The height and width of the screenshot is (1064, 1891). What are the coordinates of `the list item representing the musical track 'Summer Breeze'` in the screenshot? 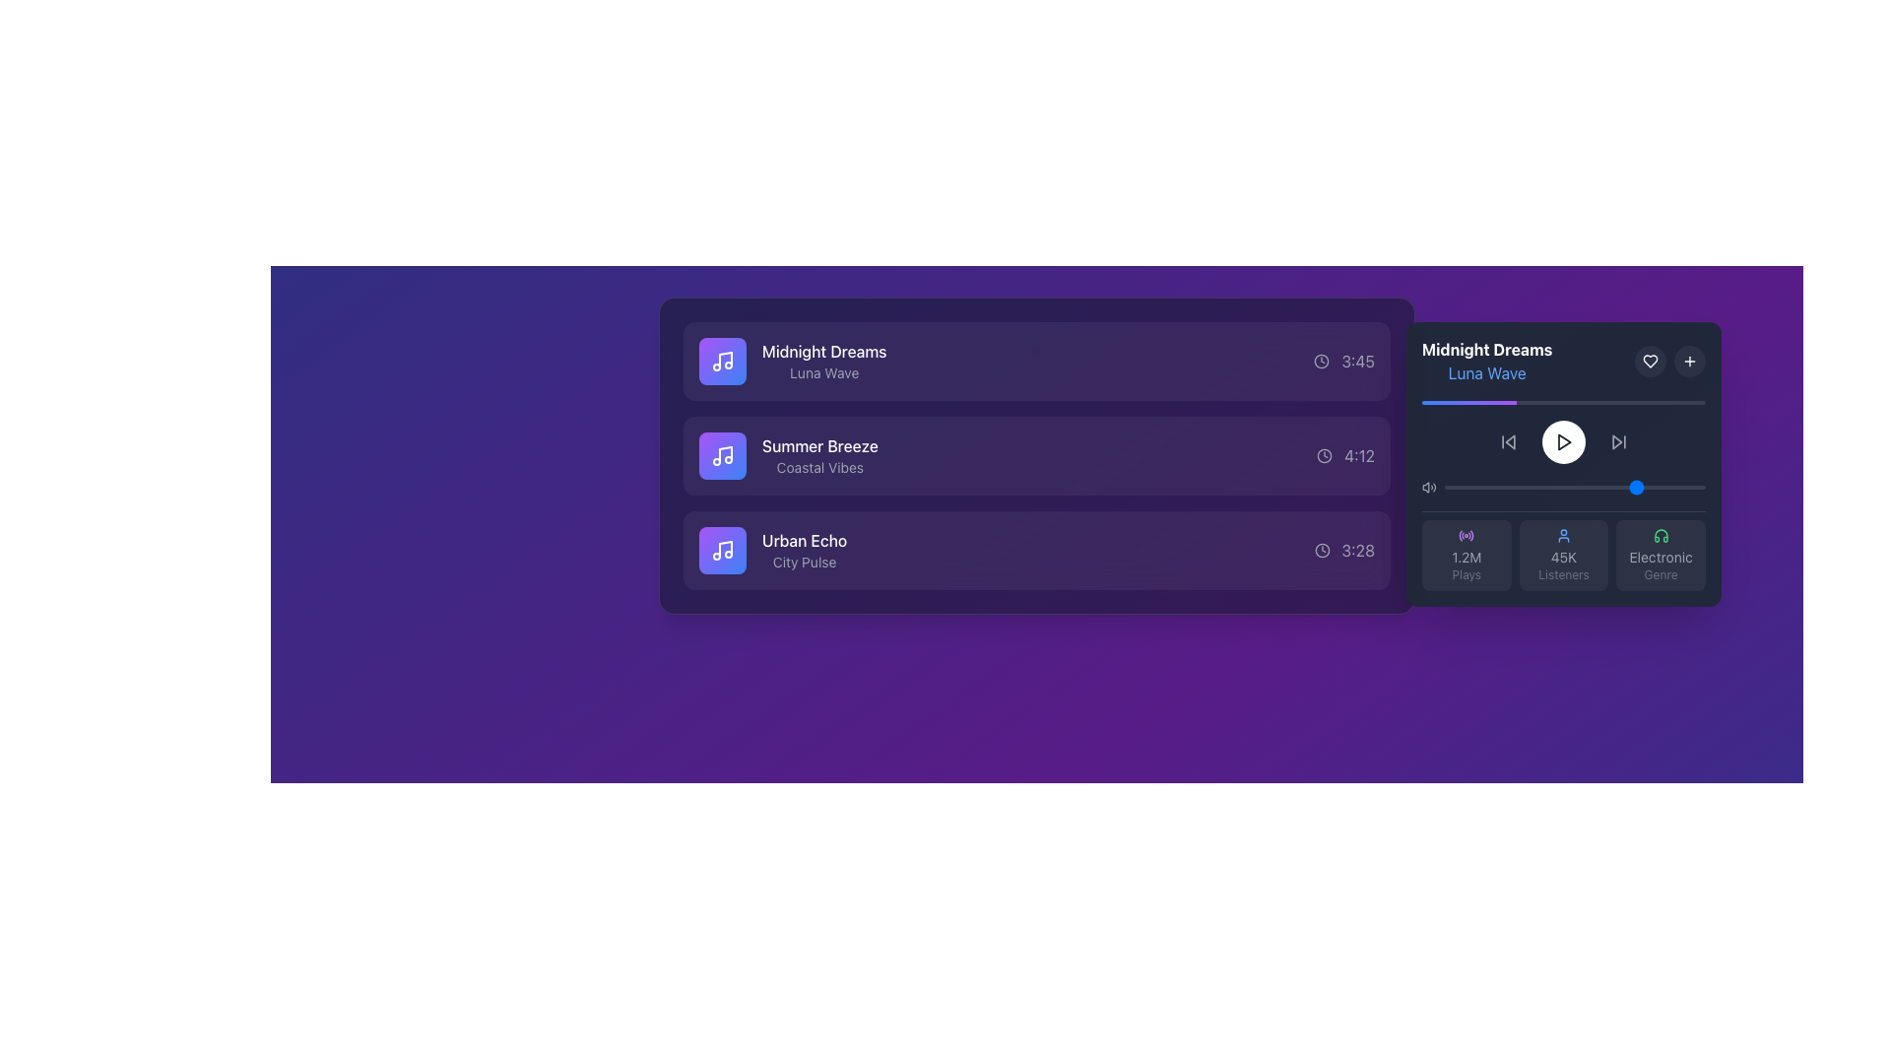 It's located at (1035, 455).